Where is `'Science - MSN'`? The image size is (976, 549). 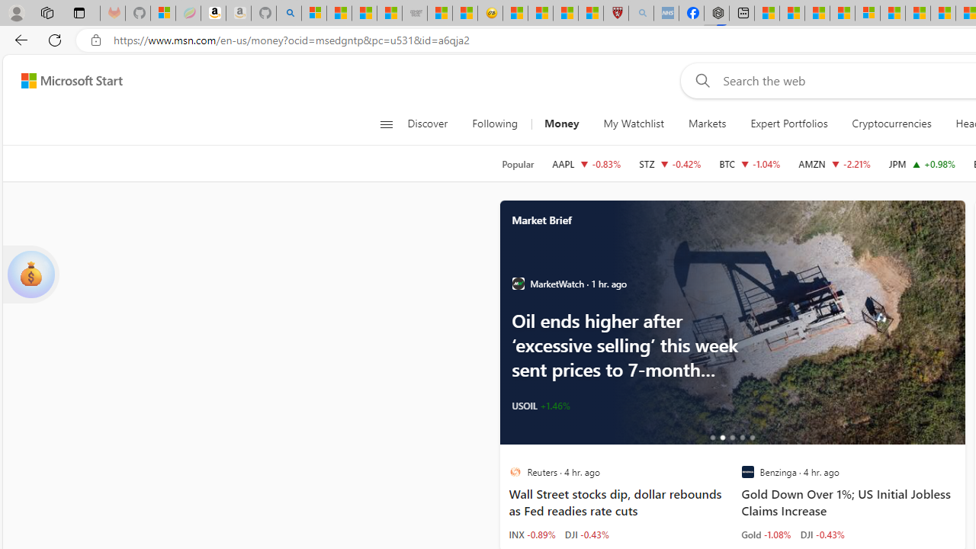
'Science - MSN' is located at coordinates (564, 13).